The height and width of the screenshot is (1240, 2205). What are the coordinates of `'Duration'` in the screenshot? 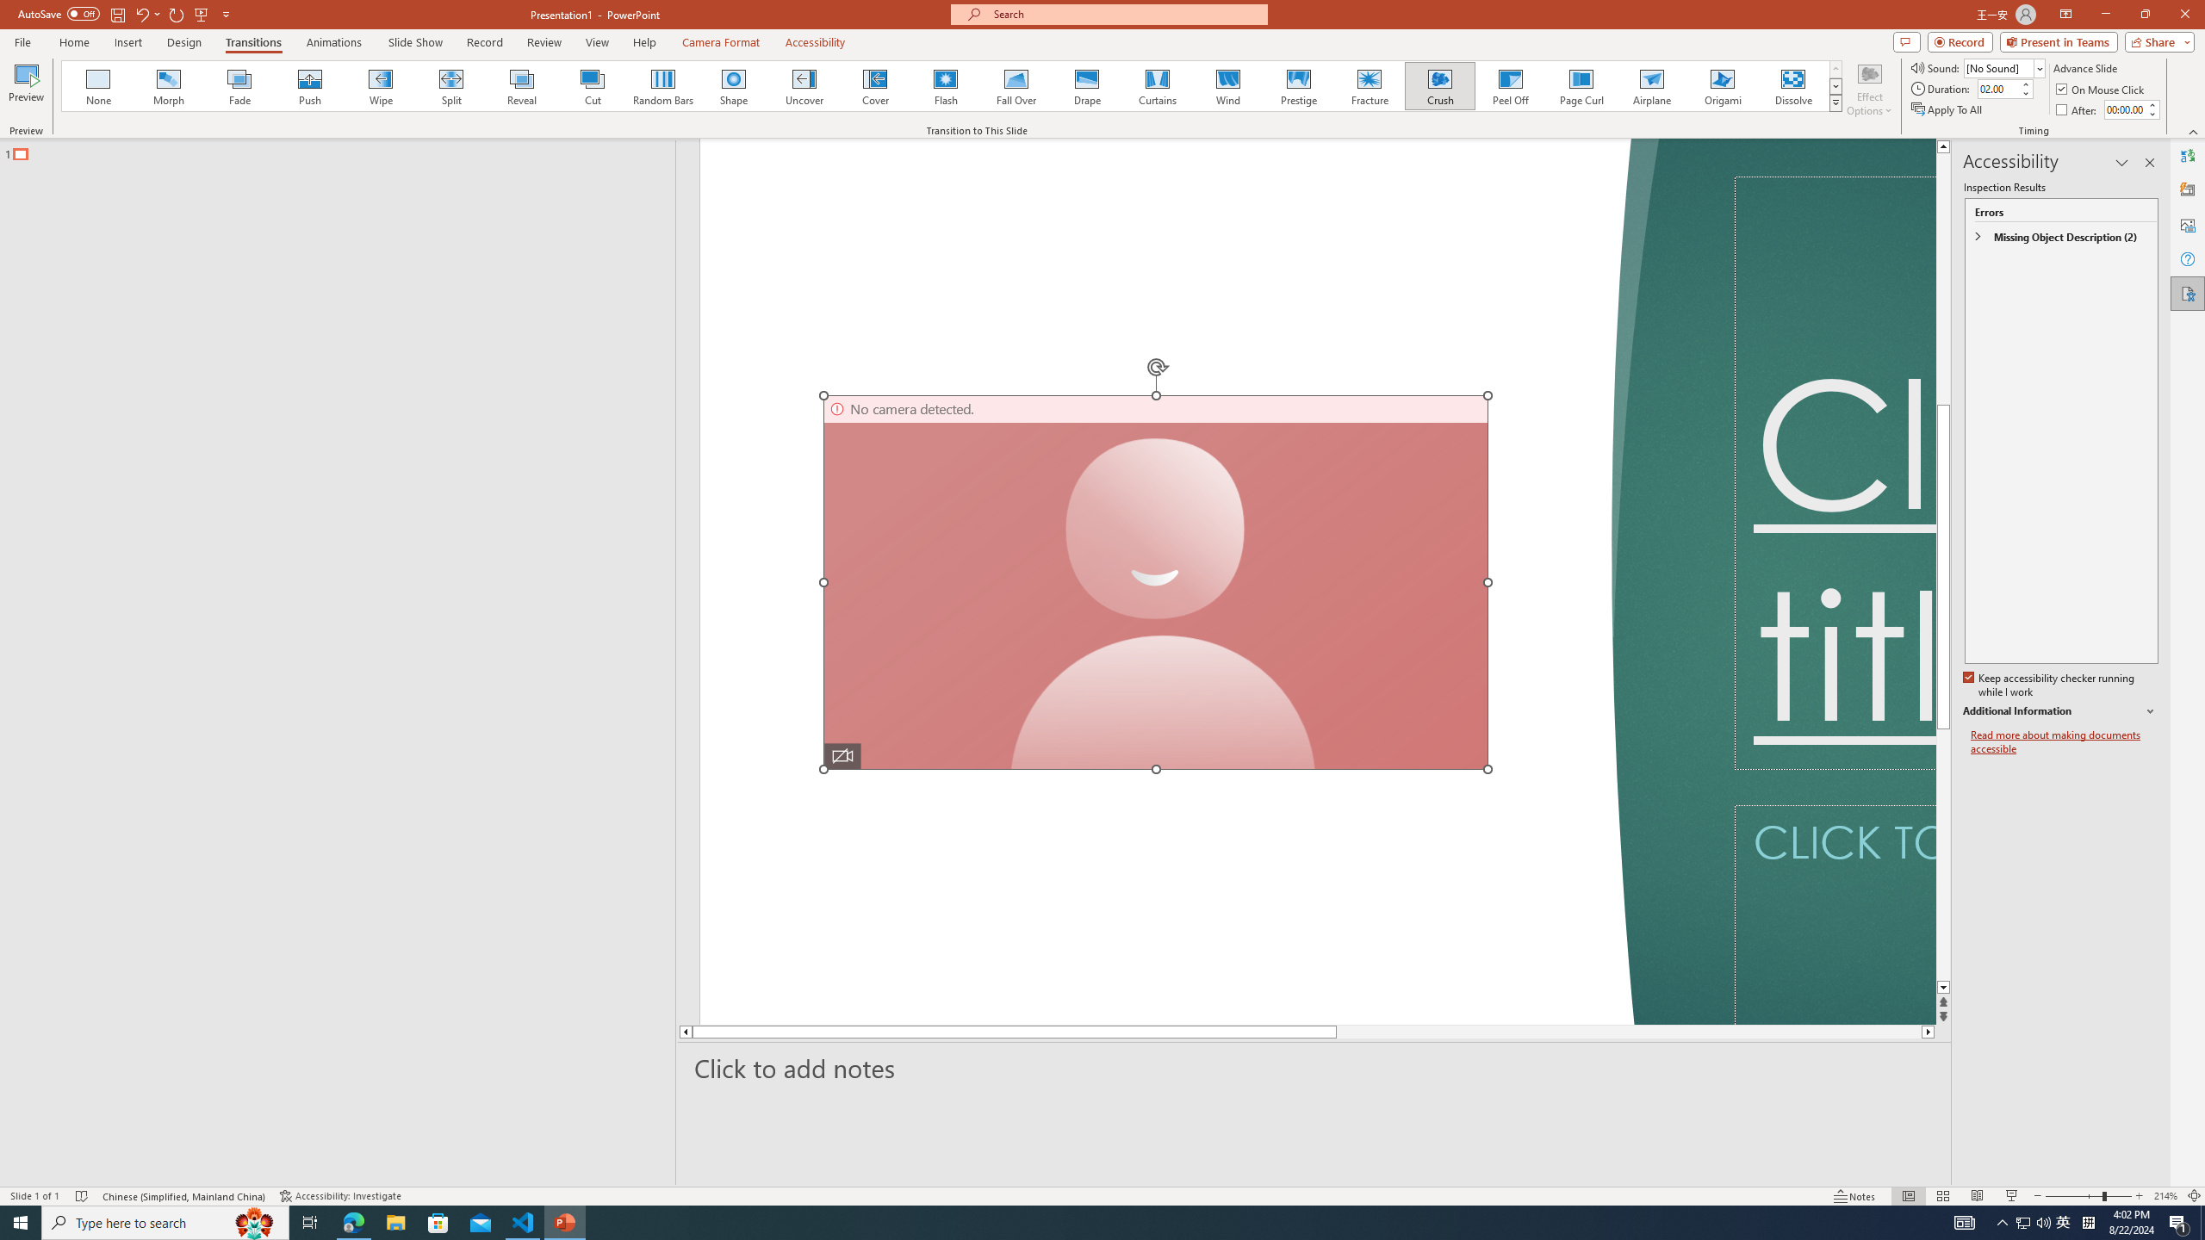 It's located at (1997, 88).